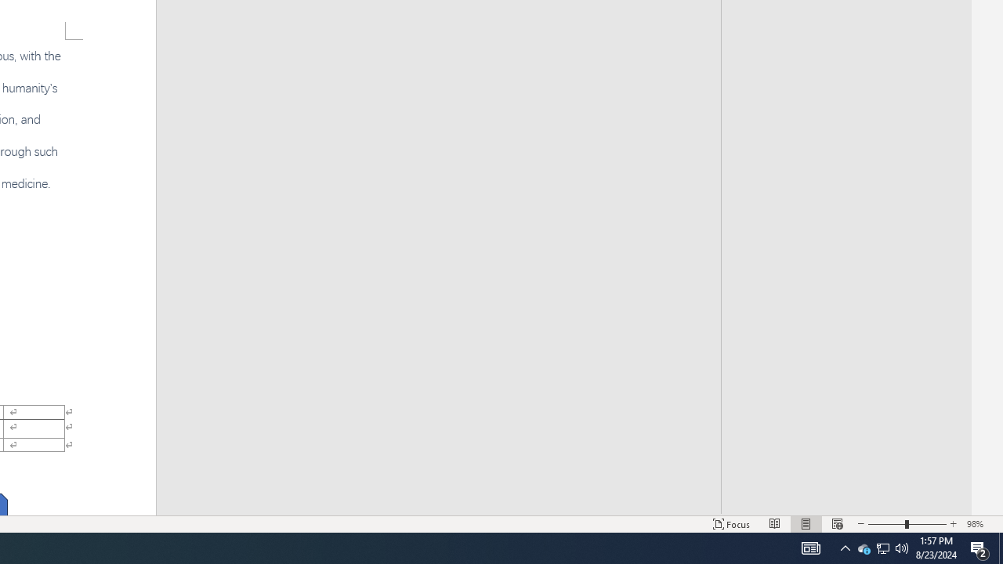 This screenshot has width=1003, height=564. I want to click on 'Print Layout', so click(806, 524).